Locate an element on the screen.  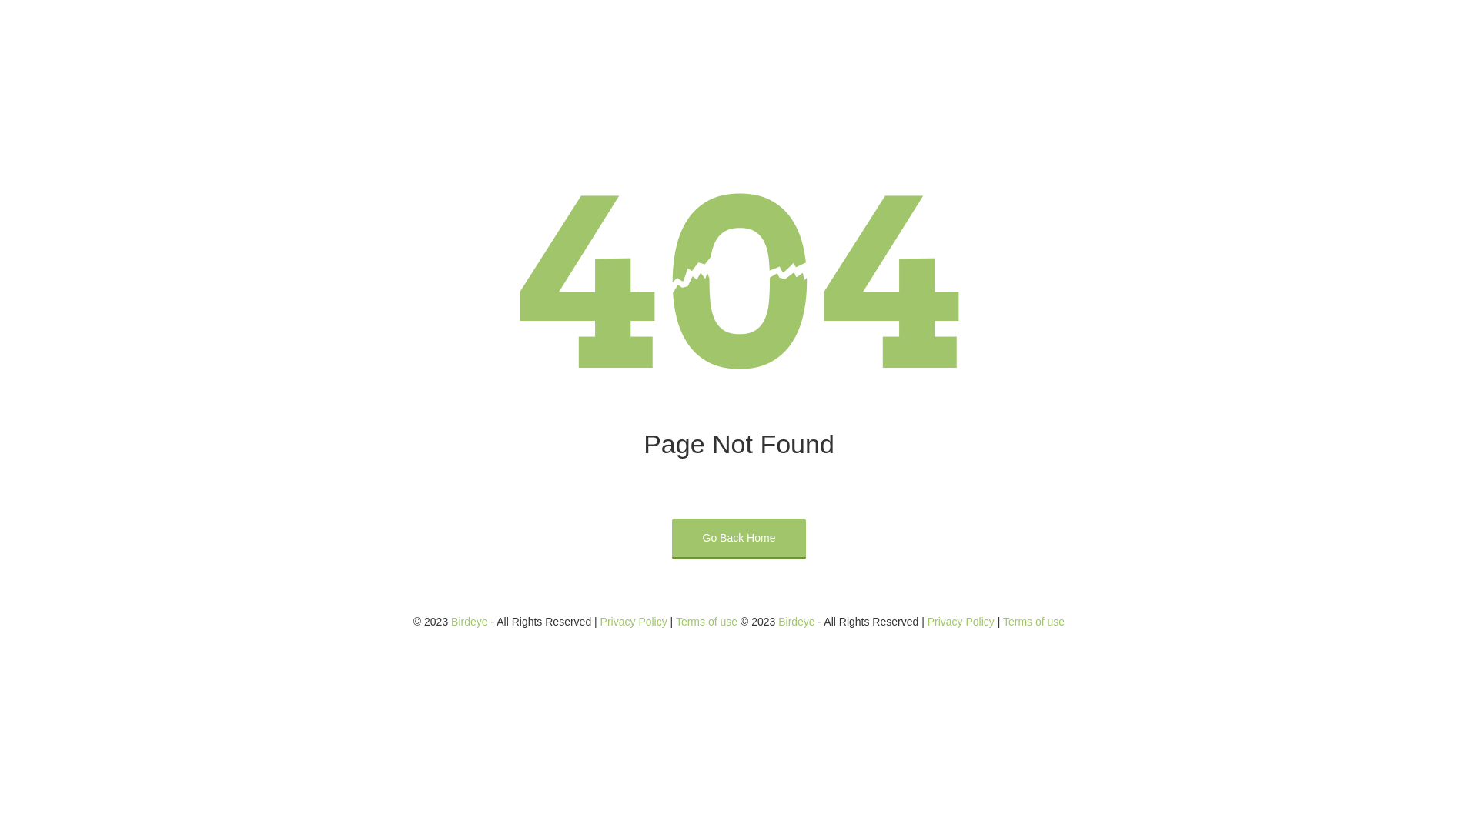
'Birdeye' is located at coordinates (468, 620).